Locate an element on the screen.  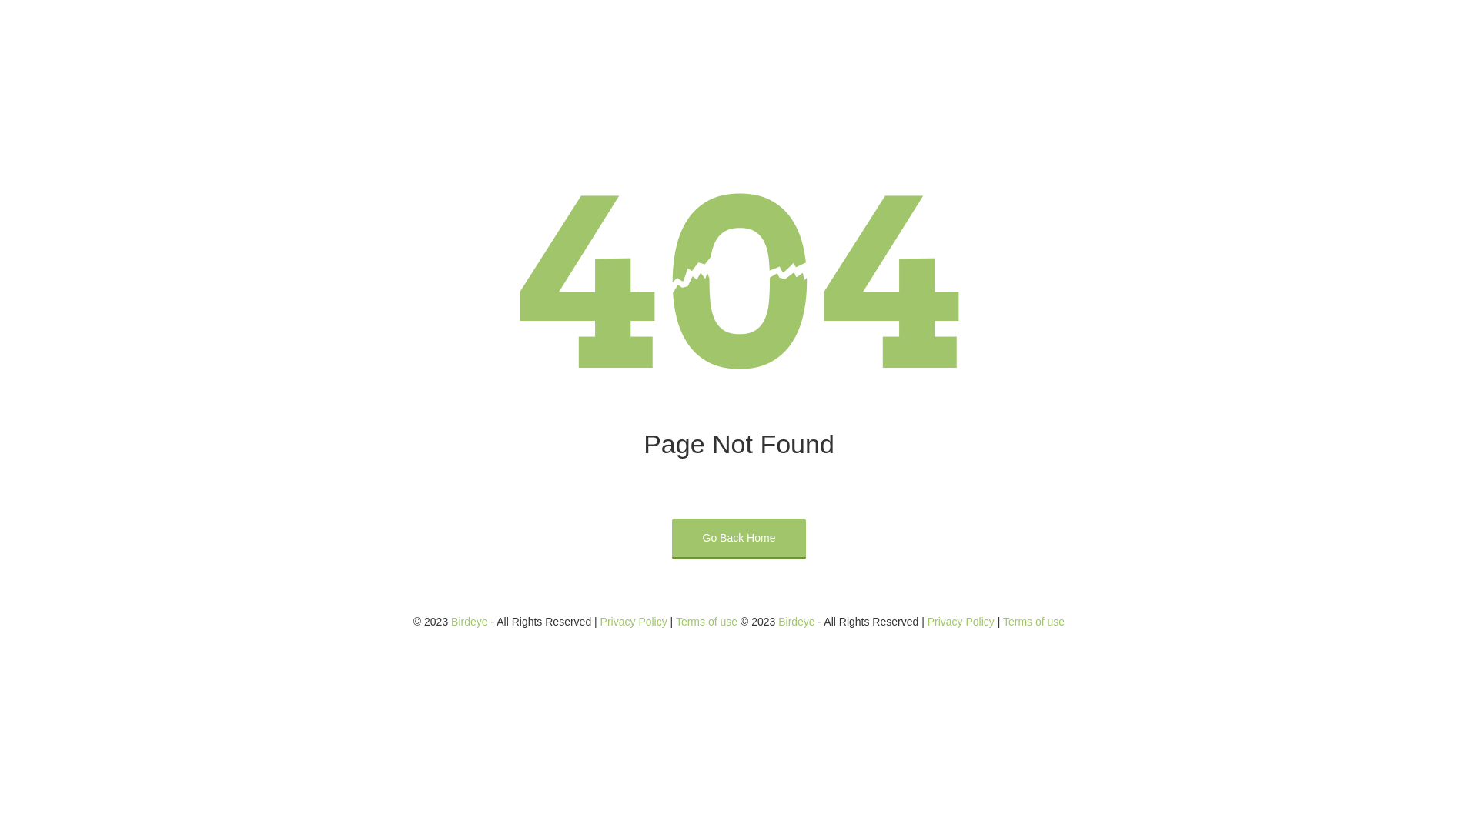
'Birdeye' is located at coordinates (468, 620).